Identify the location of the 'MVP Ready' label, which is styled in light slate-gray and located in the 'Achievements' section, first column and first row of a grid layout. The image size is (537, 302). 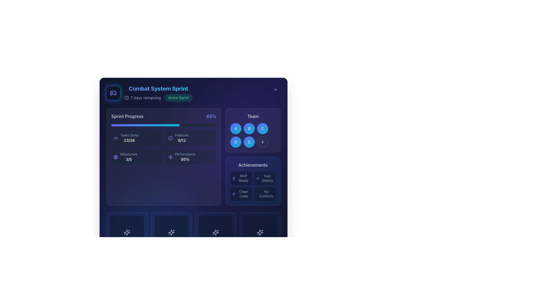
(244, 178).